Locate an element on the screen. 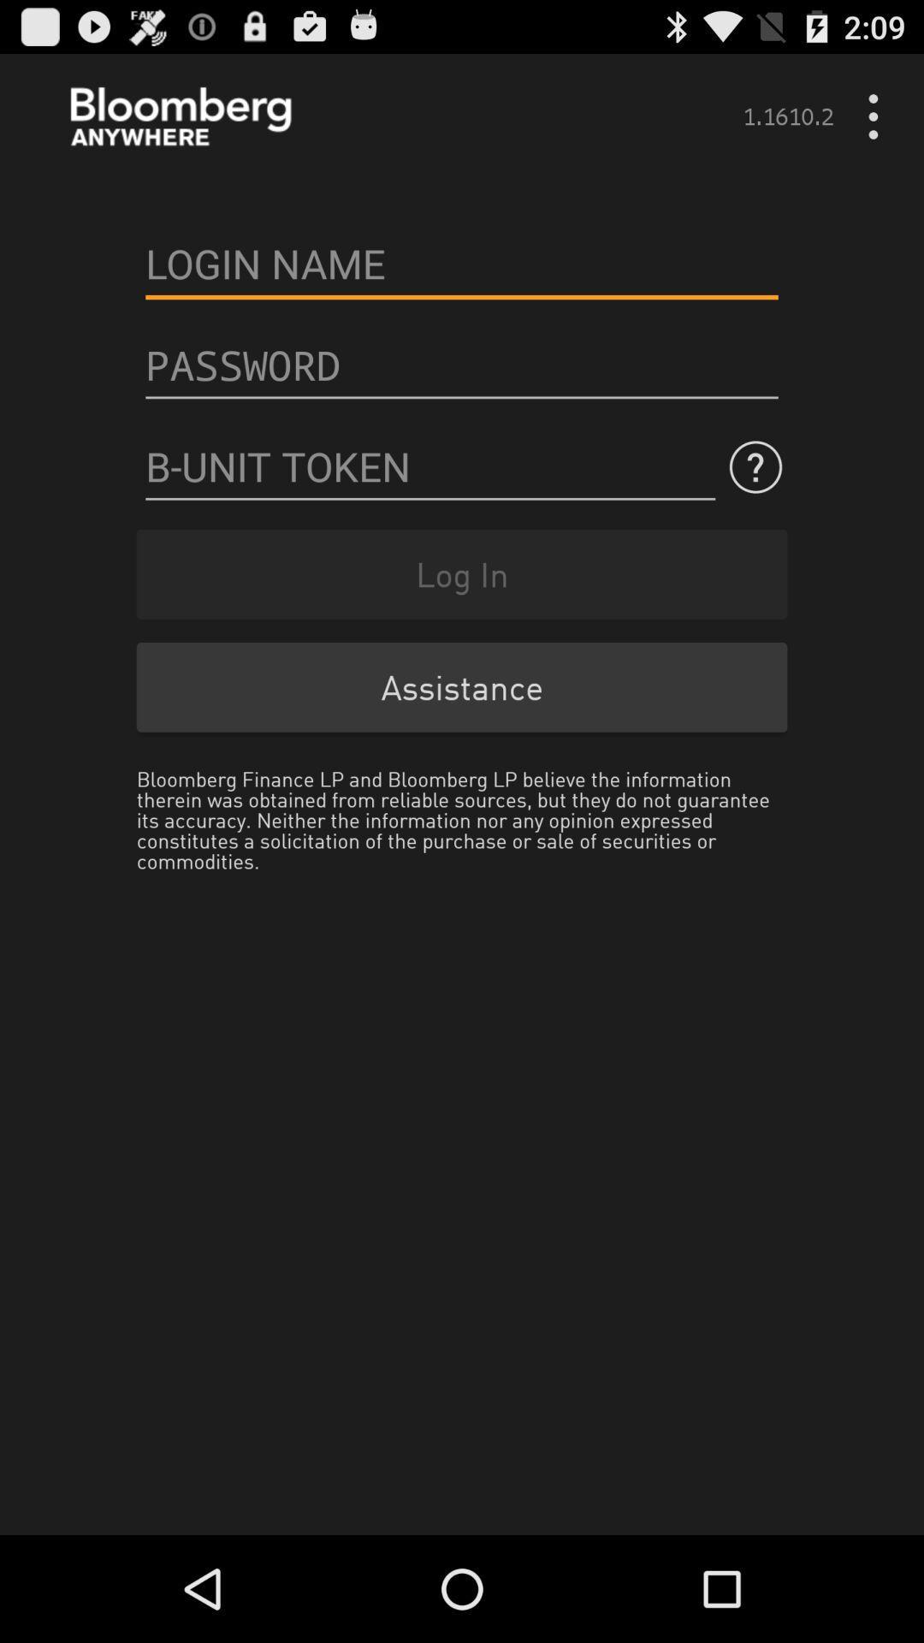 This screenshot has width=924, height=1643. username is located at coordinates (462, 263).